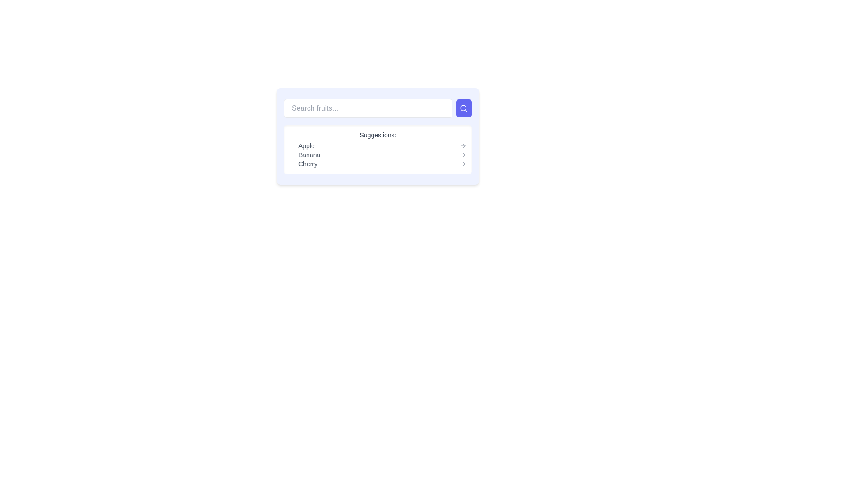 The image size is (867, 488). Describe the element at coordinates (463, 108) in the screenshot. I see `the SVG Circle that is part of the search button icon located at the right end of the search bar component` at that location.